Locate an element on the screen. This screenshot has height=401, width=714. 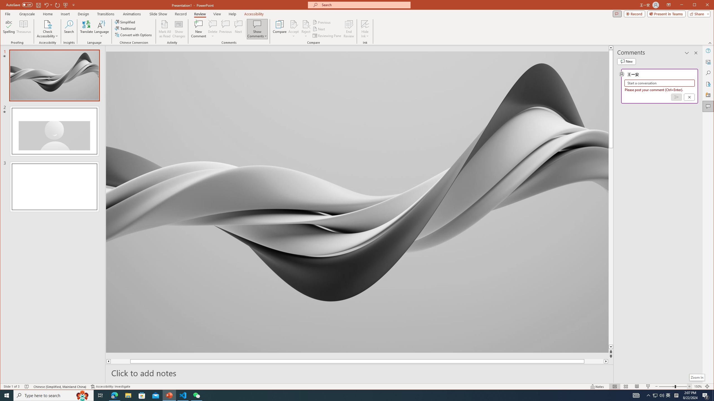
'Compare' is located at coordinates (279, 29).